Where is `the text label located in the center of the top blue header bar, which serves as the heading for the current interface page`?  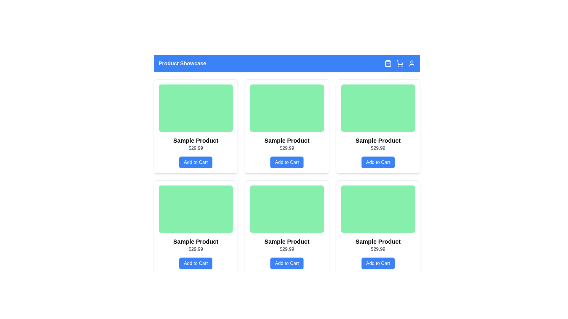 the text label located in the center of the top blue header bar, which serves as the heading for the current interface page is located at coordinates (182, 64).